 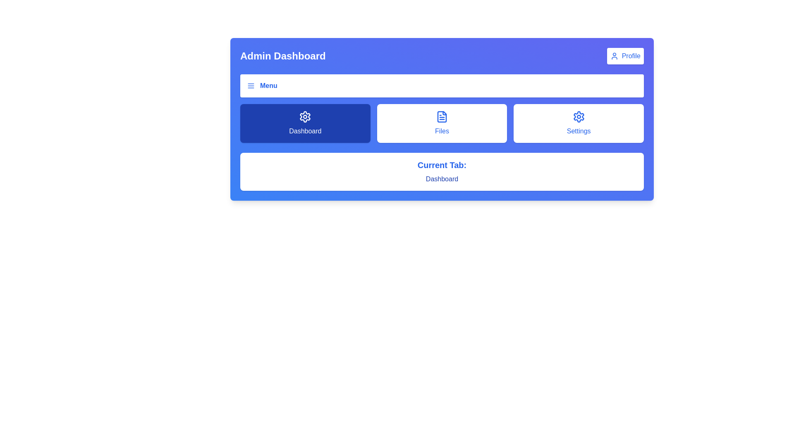 What do you see at coordinates (442, 123) in the screenshot?
I see `the navigation button for accessing the 'Files' section, which is the second item in a row of three options located centrally between the 'Dashboard' card and the 'Settings' card` at bounding box center [442, 123].